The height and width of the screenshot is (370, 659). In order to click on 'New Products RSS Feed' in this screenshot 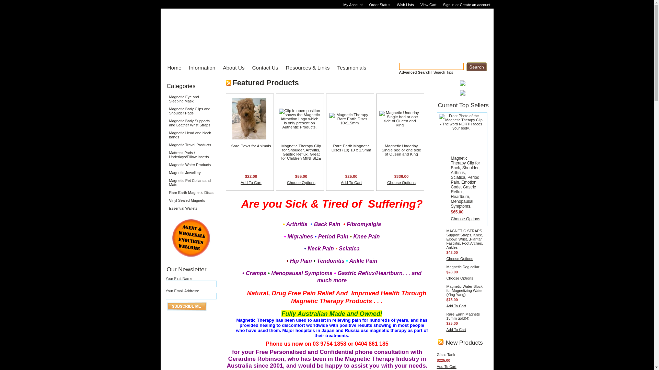, I will do `click(438, 342)`.